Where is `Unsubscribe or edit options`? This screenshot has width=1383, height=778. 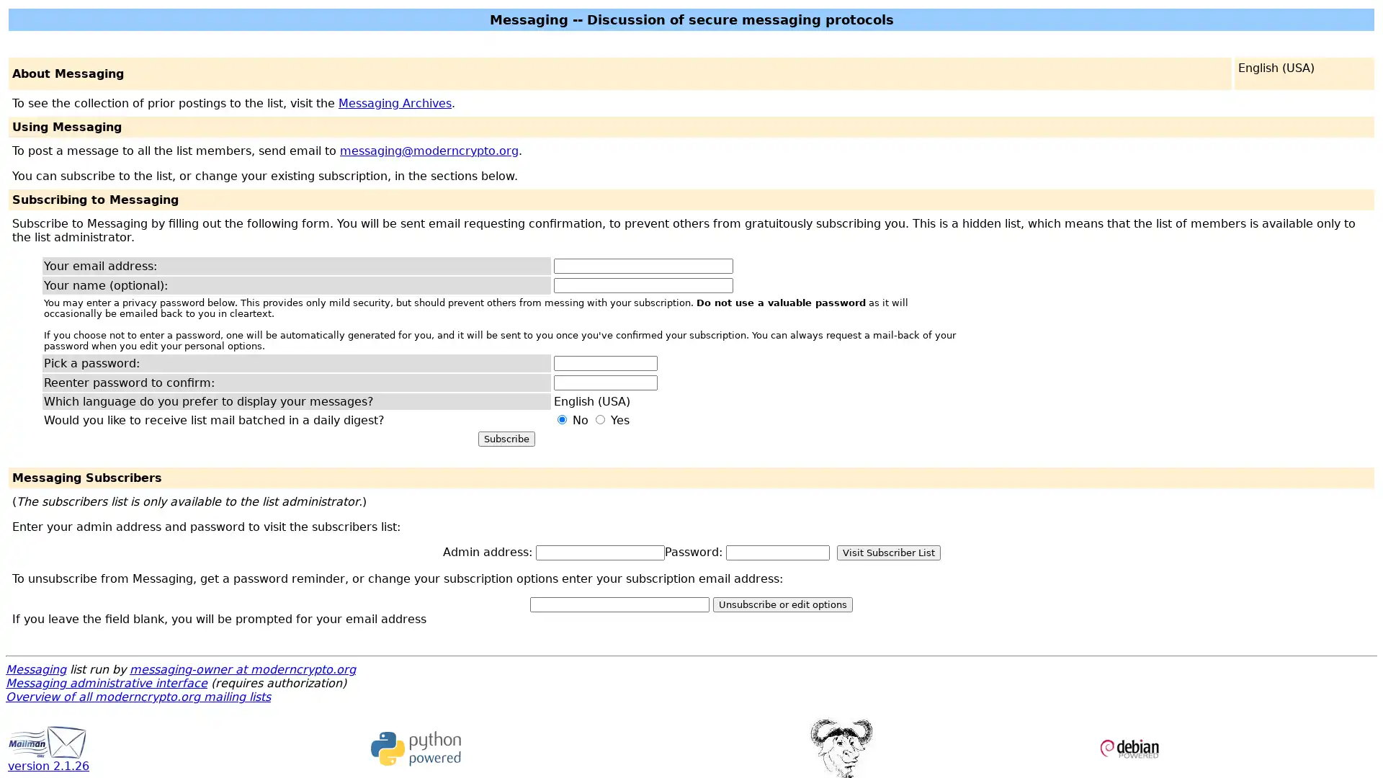
Unsubscribe or edit options is located at coordinates (782, 604).